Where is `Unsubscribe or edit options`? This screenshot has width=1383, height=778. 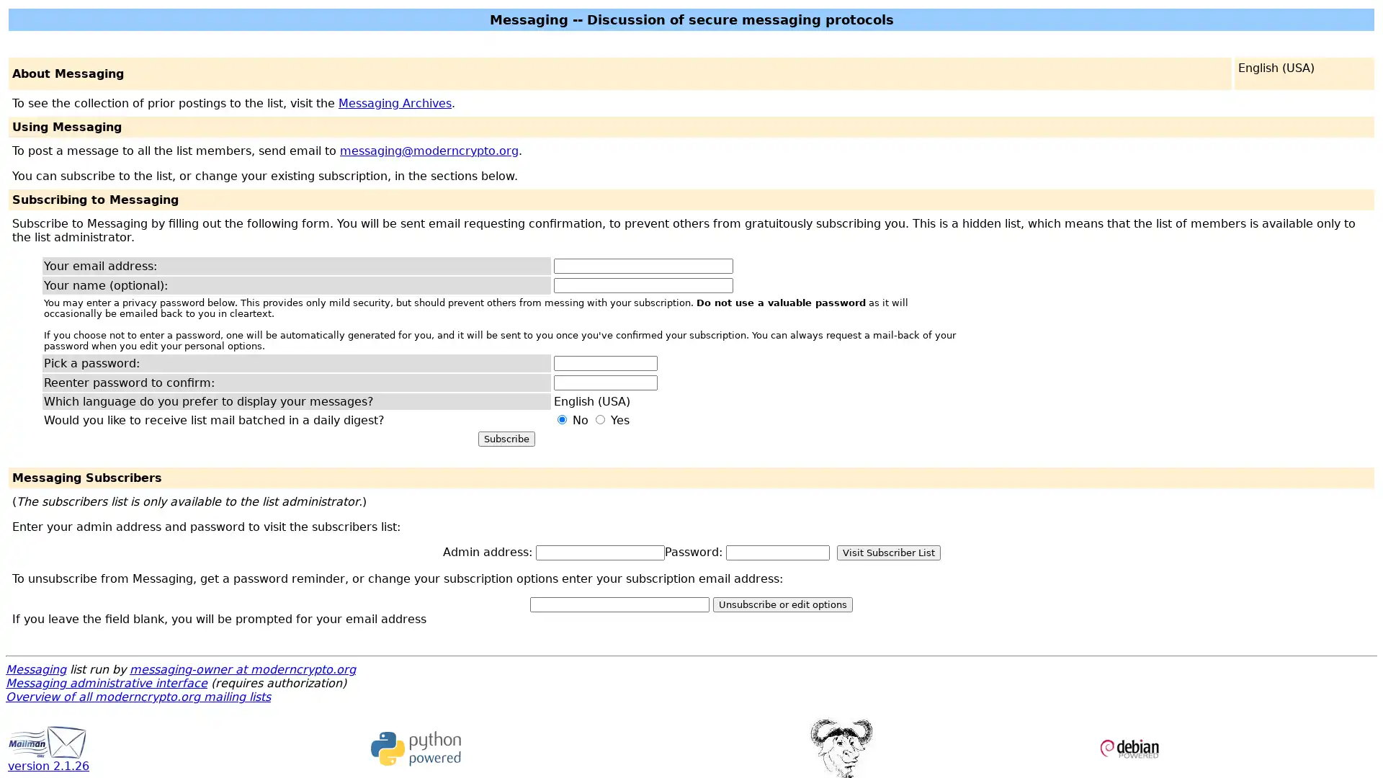
Unsubscribe or edit options is located at coordinates (782, 604).